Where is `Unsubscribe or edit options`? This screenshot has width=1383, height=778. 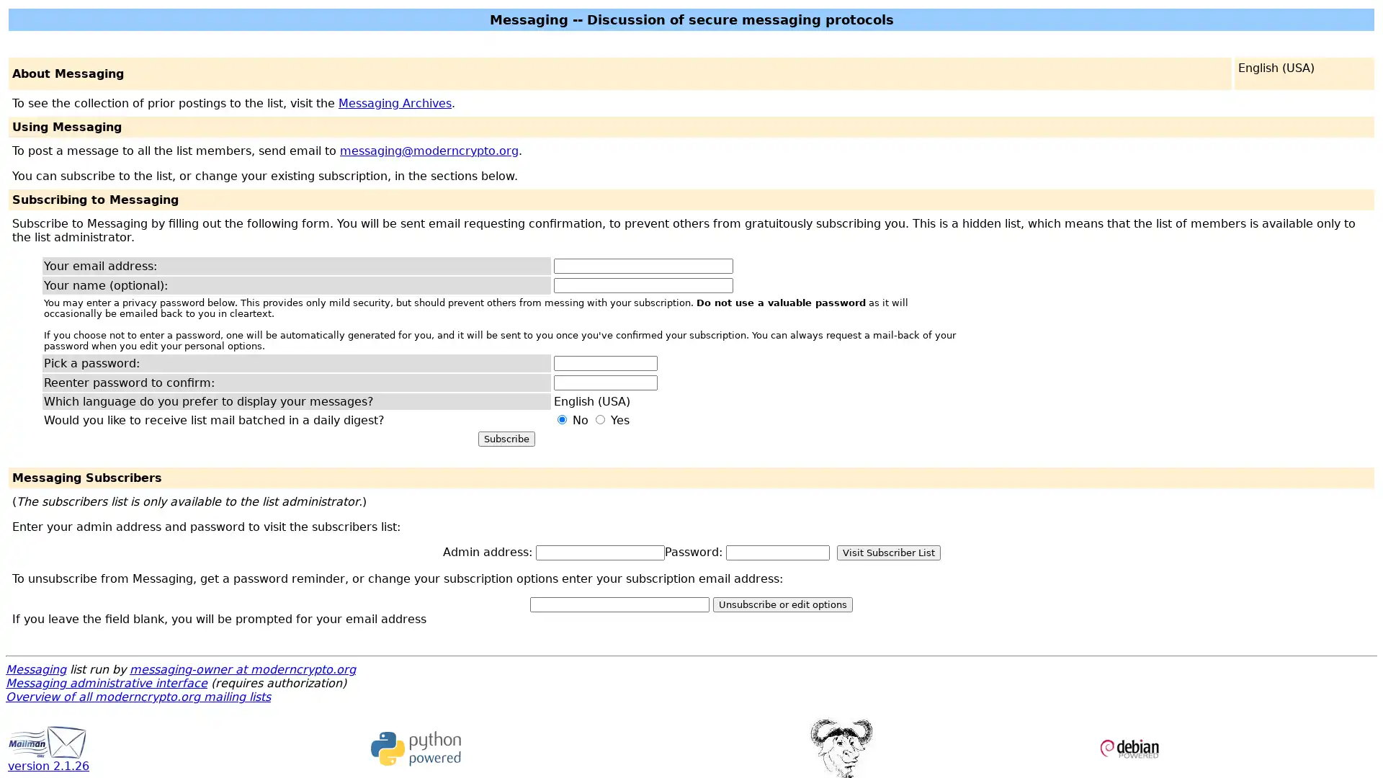
Unsubscribe or edit options is located at coordinates (782, 604).